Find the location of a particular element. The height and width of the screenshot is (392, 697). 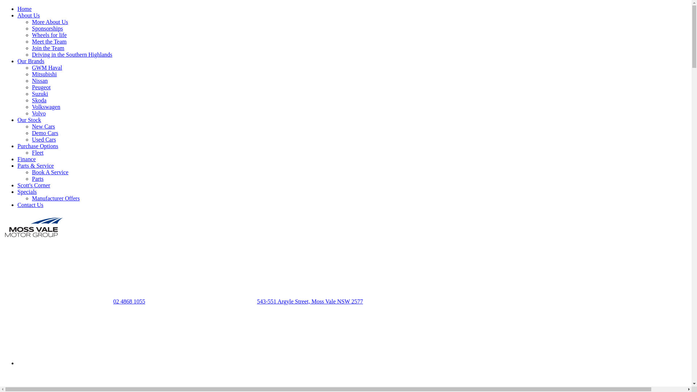

'Used Cars' is located at coordinates (43, 139).